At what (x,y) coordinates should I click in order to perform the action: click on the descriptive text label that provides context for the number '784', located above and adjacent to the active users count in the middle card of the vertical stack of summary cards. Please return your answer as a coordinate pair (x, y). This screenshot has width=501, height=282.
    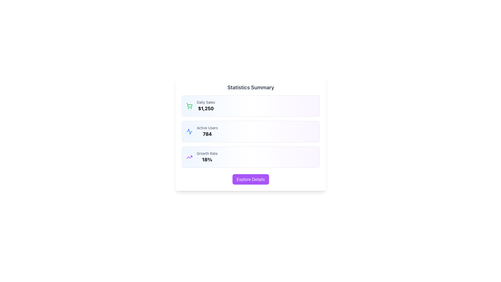
    Looking at the image, I should click on (207, 128).